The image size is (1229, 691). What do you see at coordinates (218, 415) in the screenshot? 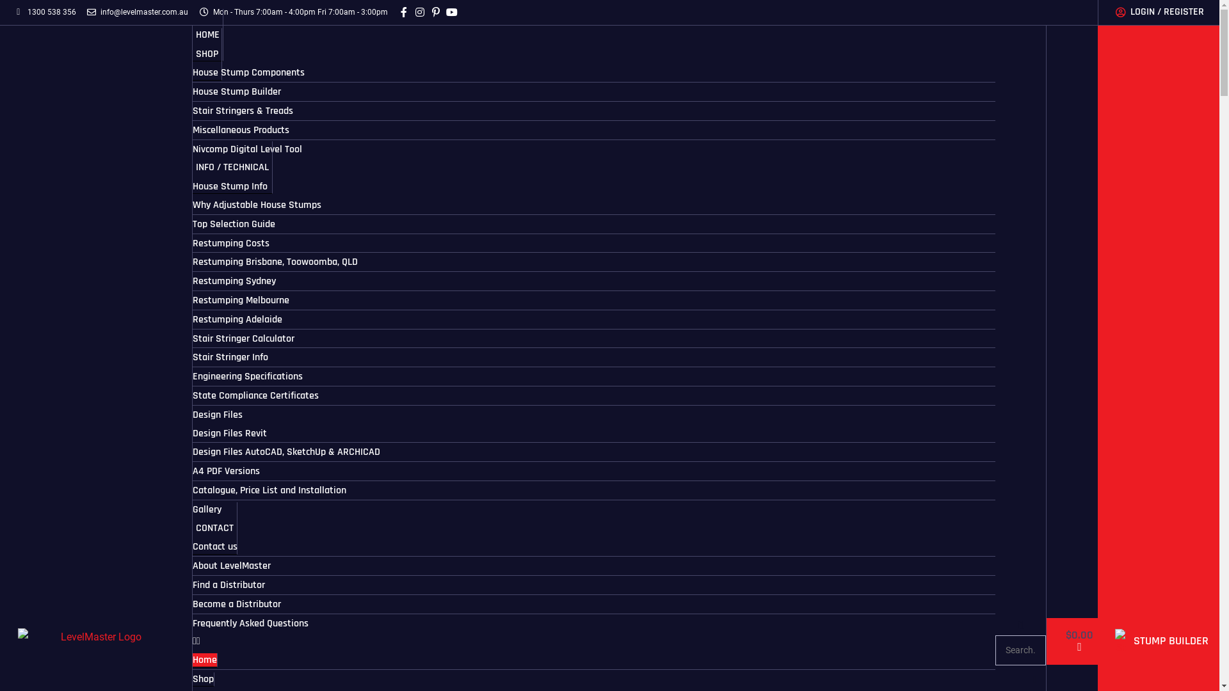
I see `'Design Files'` at bounding box center [218, 415].